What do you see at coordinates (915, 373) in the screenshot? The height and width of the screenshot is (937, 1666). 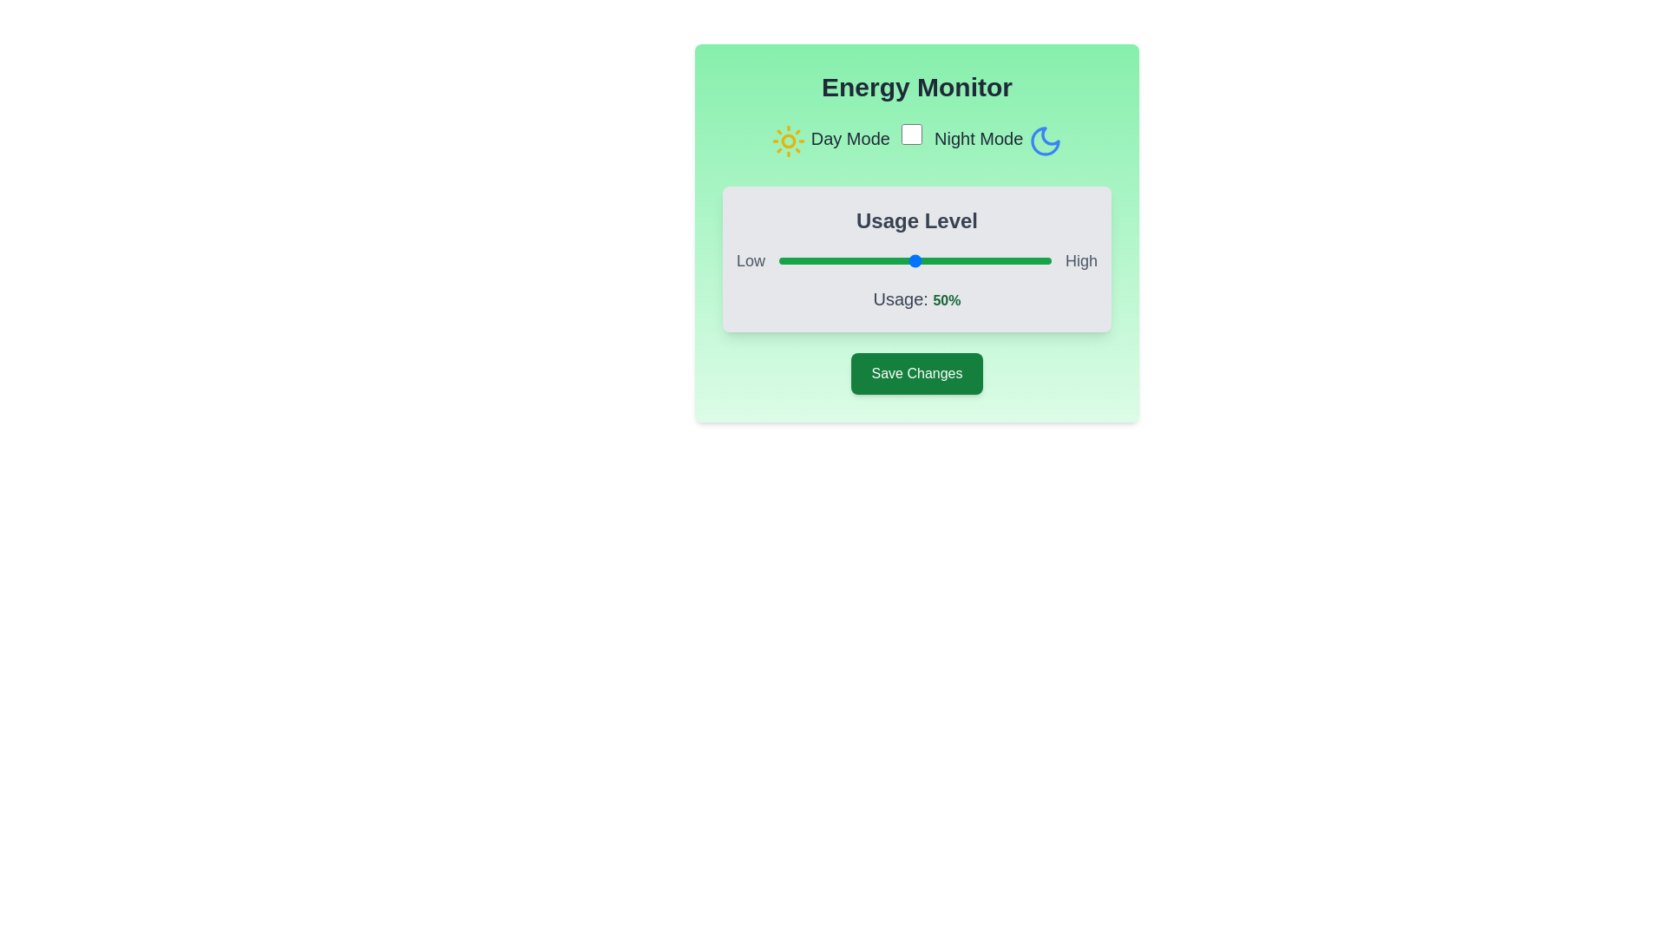 I see `the green 'Save Changes' button with rounded corners and white text by tabbing to it` at bounding box center [915, 373].